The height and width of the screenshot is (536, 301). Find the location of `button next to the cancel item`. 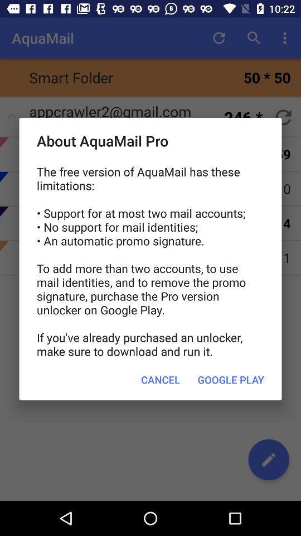

button next to the cancel item is located at coordinates (230, 380).